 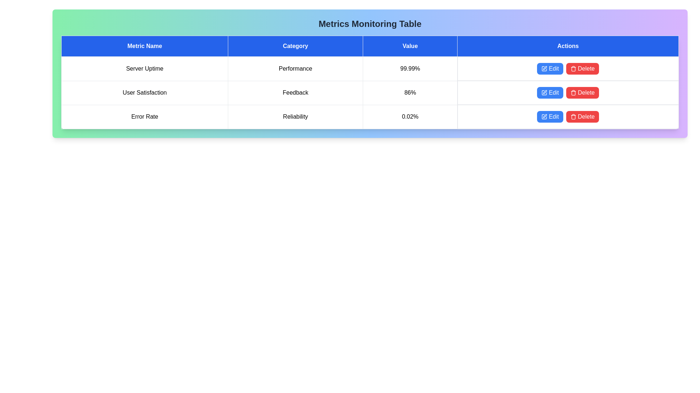 I want to click on the 'Edit' button for the metric Server Uptime, so click(x=550, y=69).